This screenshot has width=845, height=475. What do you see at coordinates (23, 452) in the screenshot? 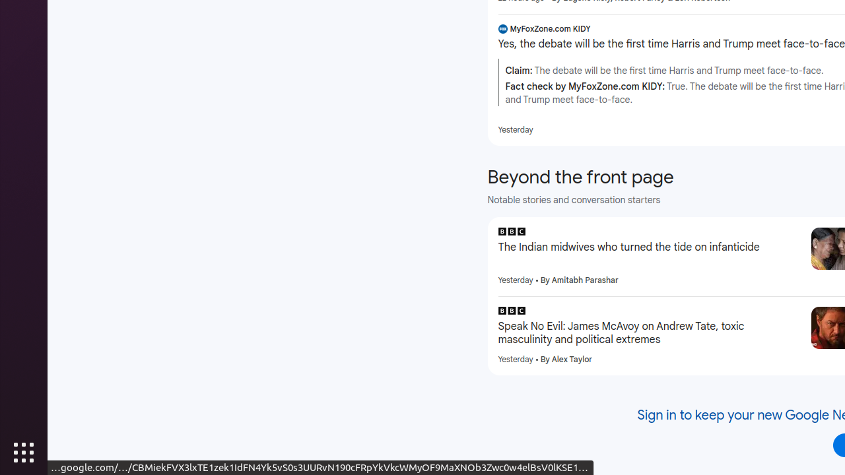
I see `'Show Applications'` at bounding box center [23, 452].